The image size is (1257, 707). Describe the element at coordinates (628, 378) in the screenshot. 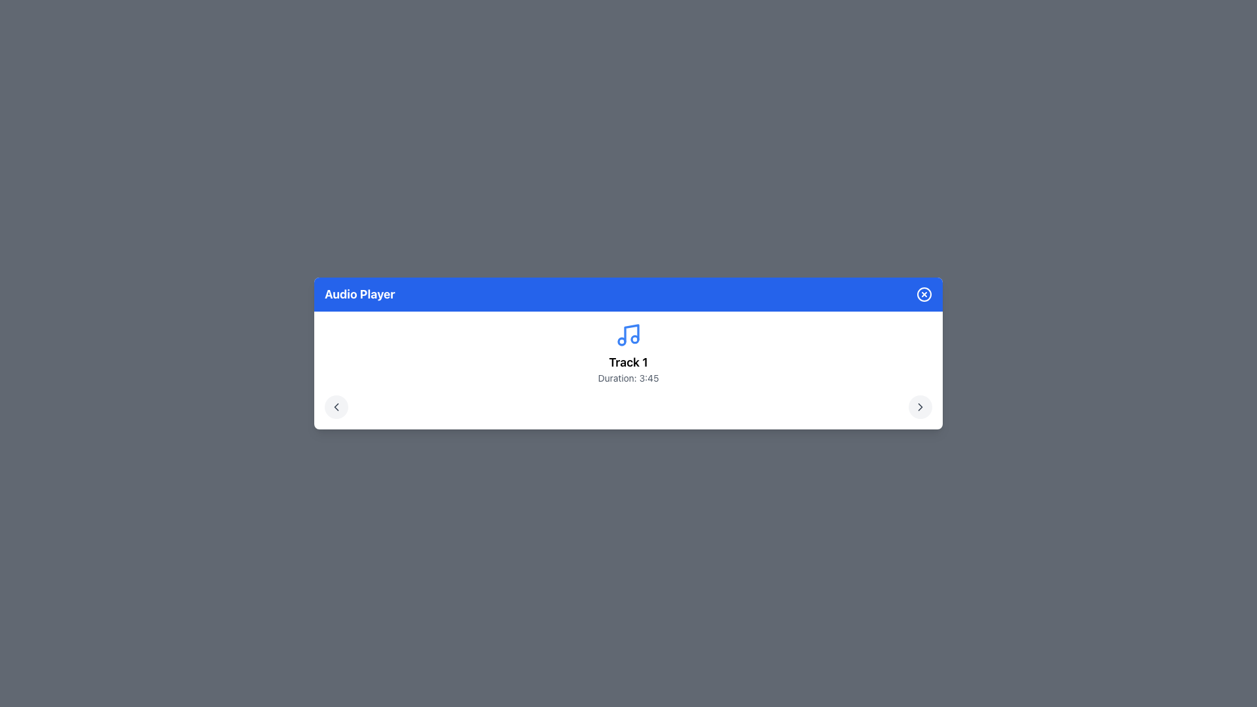

I see `the text label displaying 'Duration: 3:45', which is styled in a small gray font and located below the 'Track 1' label` at that location.